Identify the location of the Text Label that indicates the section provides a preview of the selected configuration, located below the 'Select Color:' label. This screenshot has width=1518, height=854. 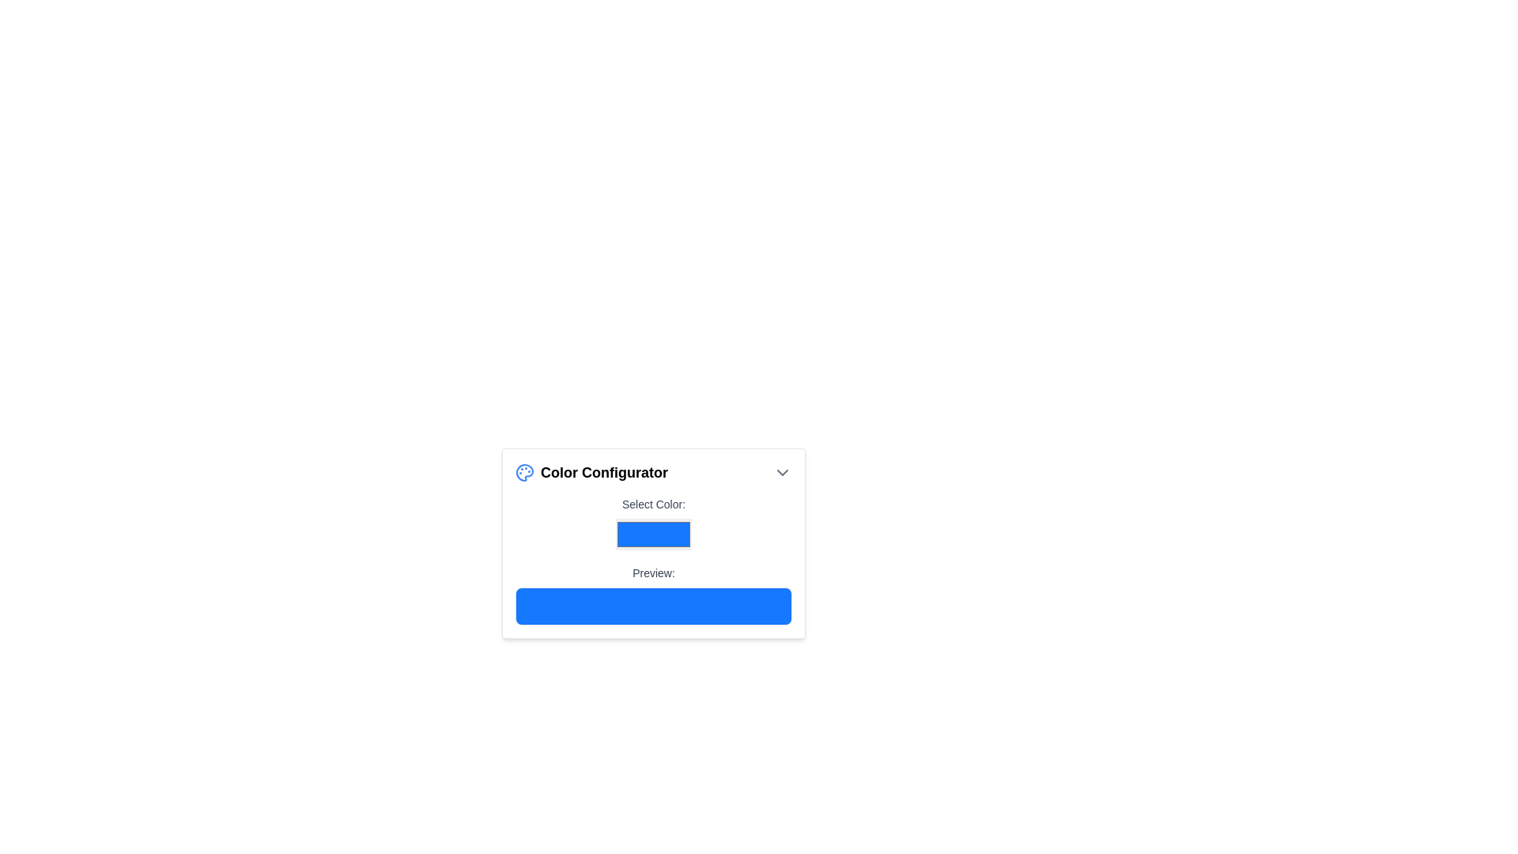
(653, 573).